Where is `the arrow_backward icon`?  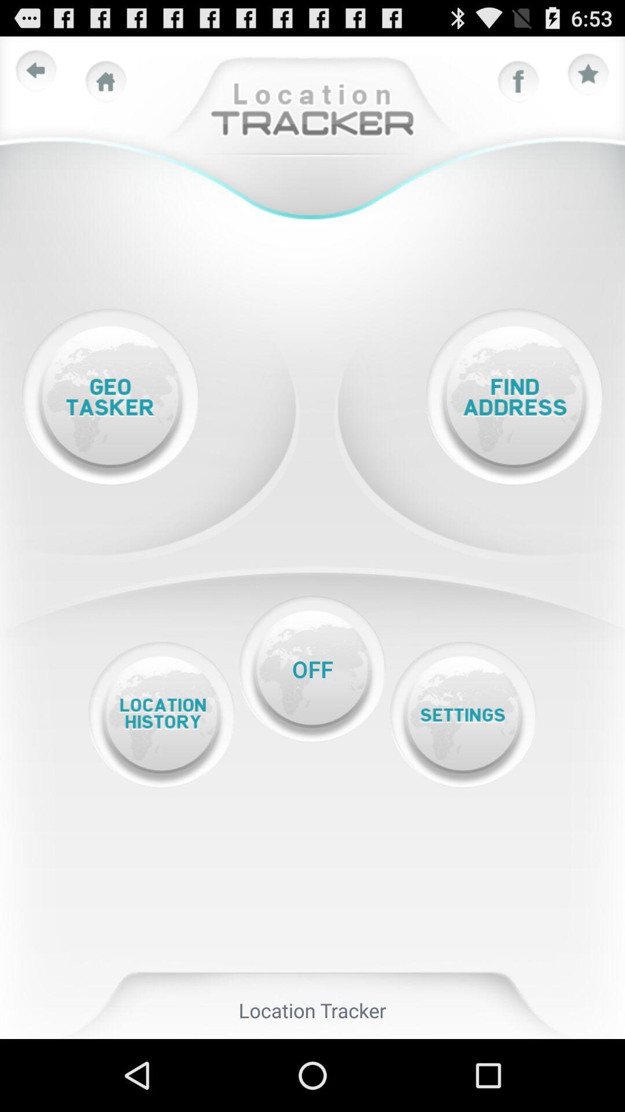
the arrow_backward icon is located at coordinates (35, 75).